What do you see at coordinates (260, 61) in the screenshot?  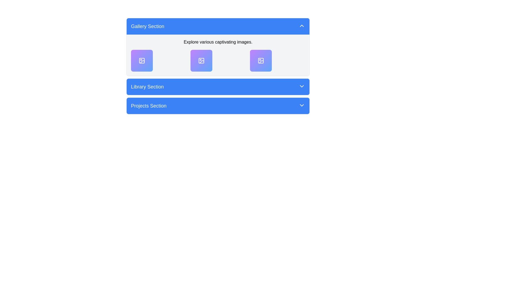 I see `the third button in the Gallery Section, which is designed` at bounding box center [260, 61].